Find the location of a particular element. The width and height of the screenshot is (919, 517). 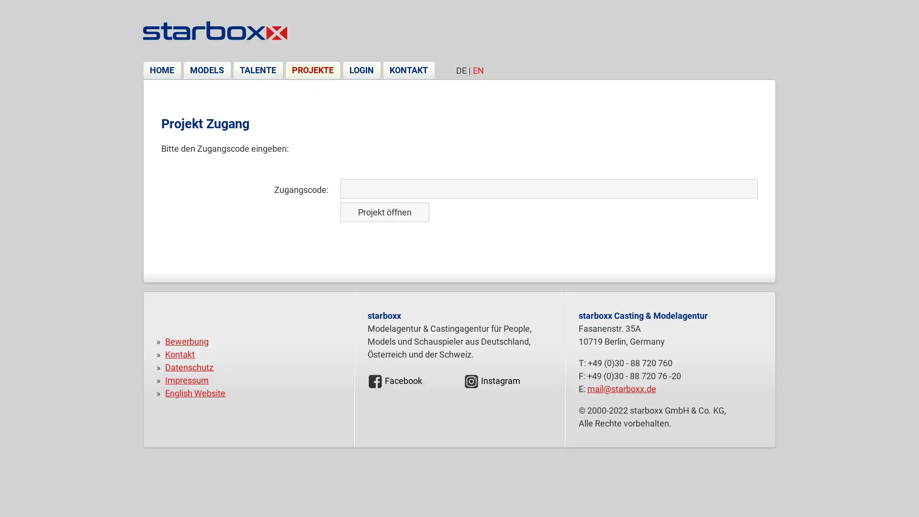

Projekt offnen is located at coordinates (384, 212).